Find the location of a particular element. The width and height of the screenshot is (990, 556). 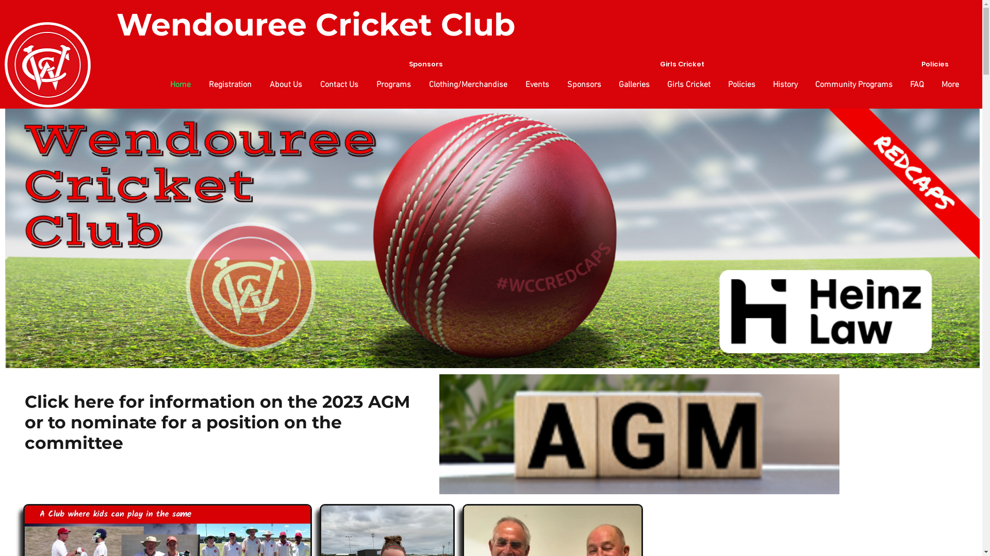

'Contact Us' is located at coordinates (338, 84).